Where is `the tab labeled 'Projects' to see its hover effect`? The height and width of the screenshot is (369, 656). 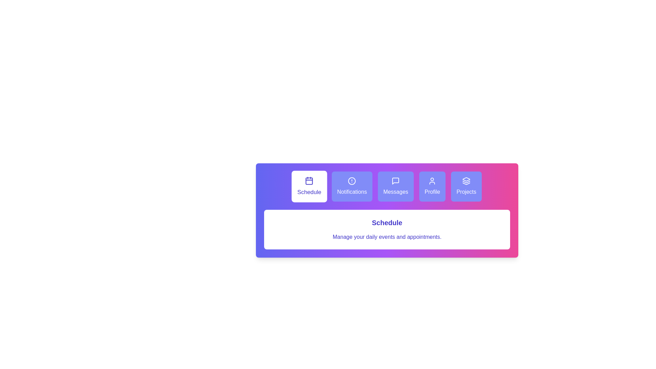 the tab labeled 'Projects' to see its hover effect is located at coordinates (466, 187).